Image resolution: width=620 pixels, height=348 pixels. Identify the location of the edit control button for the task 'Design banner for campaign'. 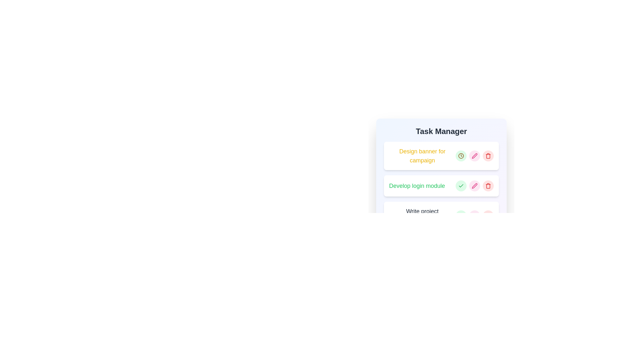
(474, 156).